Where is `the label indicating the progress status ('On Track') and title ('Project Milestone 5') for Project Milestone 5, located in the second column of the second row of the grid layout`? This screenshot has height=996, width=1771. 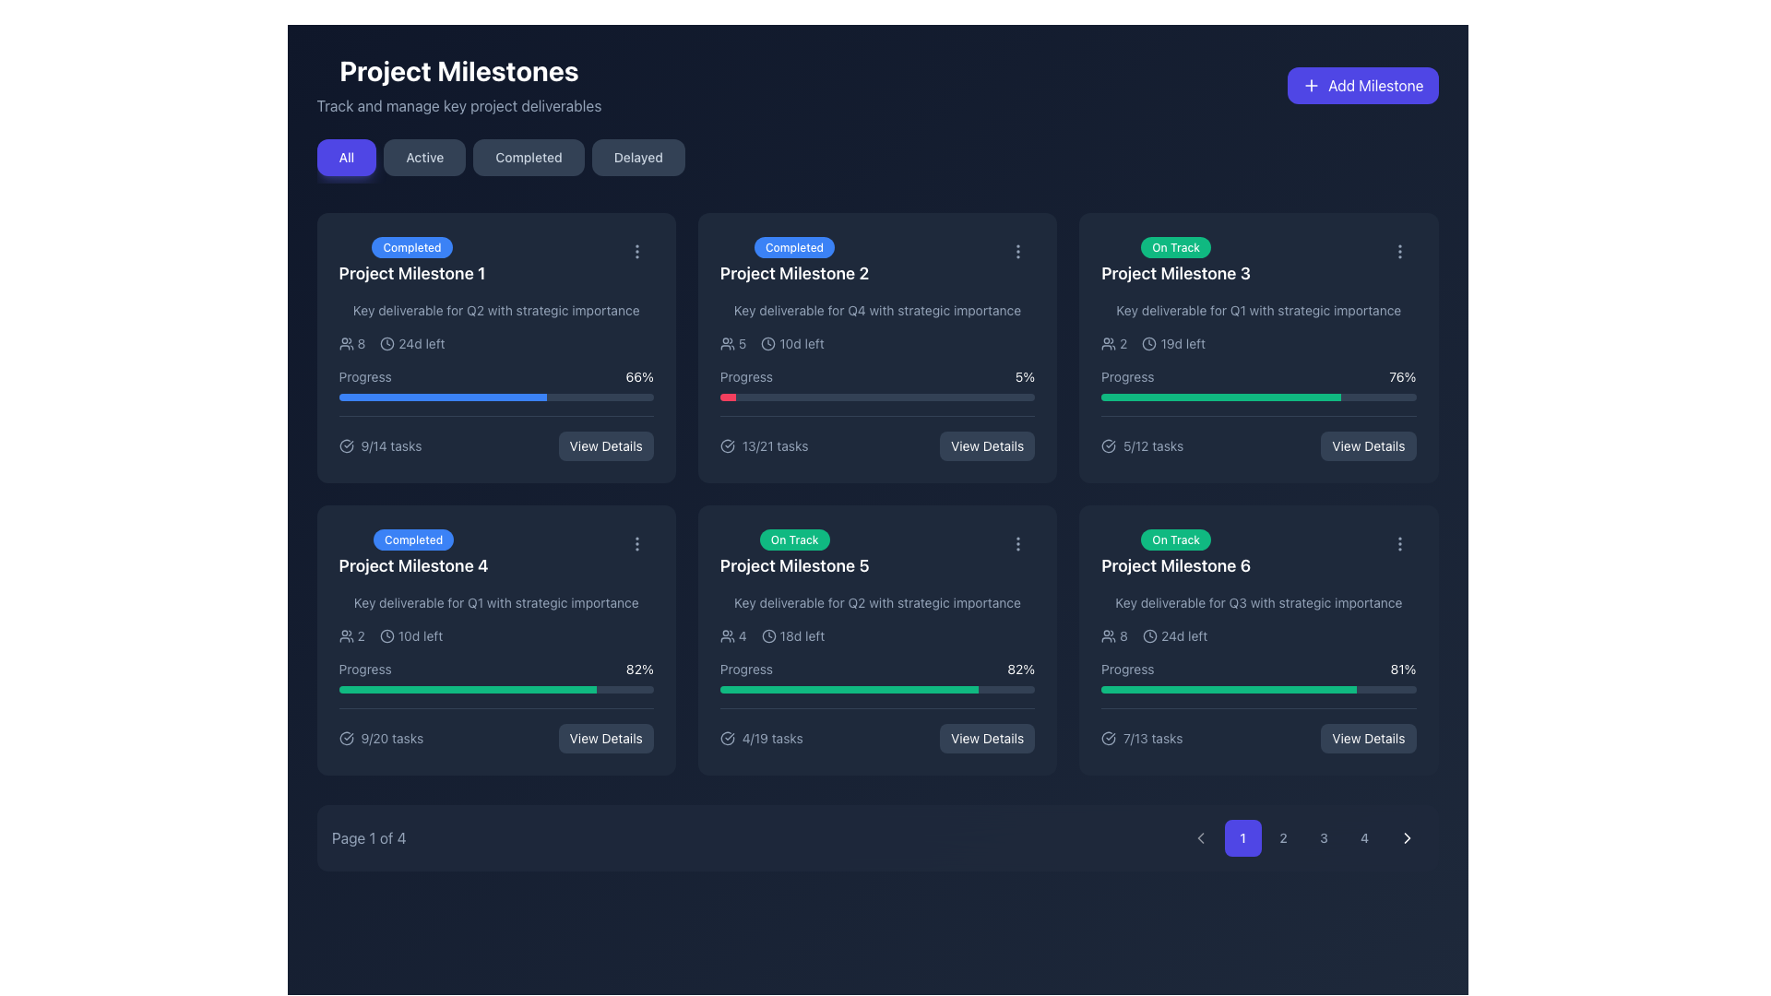 the label indicating the progress status ('On Track') and title ('Project Milestone 5') for Project Milestone 5, located in the second column of the second row of the grid layout is located at coordinates (794, 552).